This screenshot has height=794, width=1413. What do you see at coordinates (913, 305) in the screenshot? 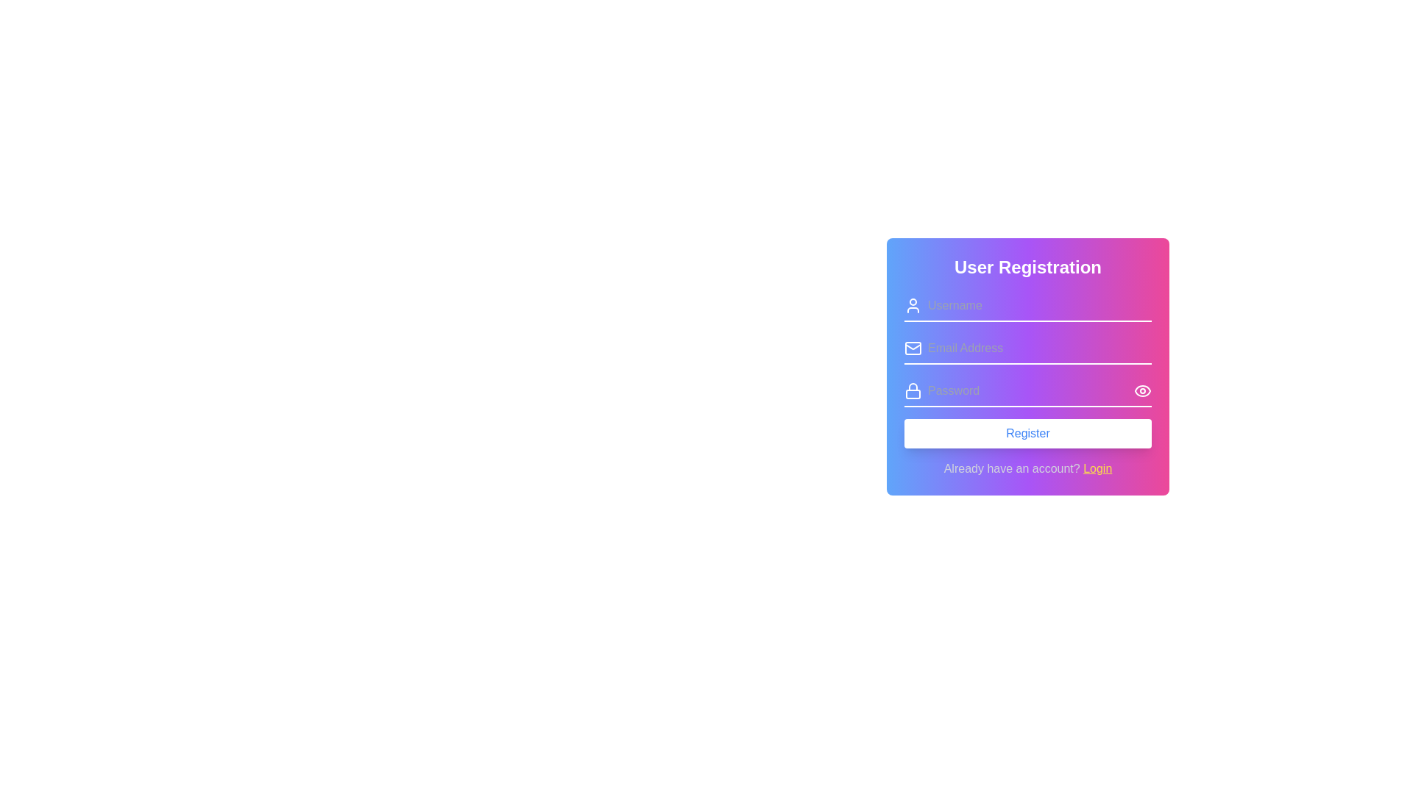
I see `the username icon located to the left of the 'Username' text input field in the User Registration form panel` at bounding box center [913, 305].